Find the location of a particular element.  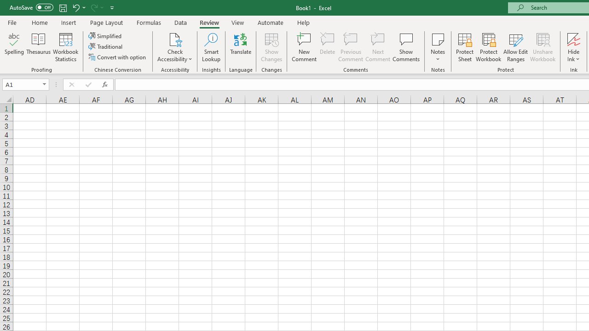

'Simplified' is located at coordinates (106, 35).